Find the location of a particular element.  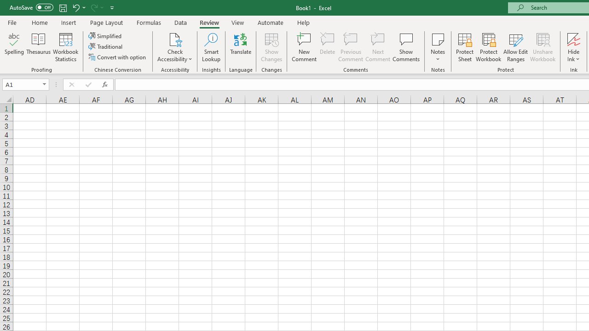

'Simplified' is located at coordinates (106, 35).